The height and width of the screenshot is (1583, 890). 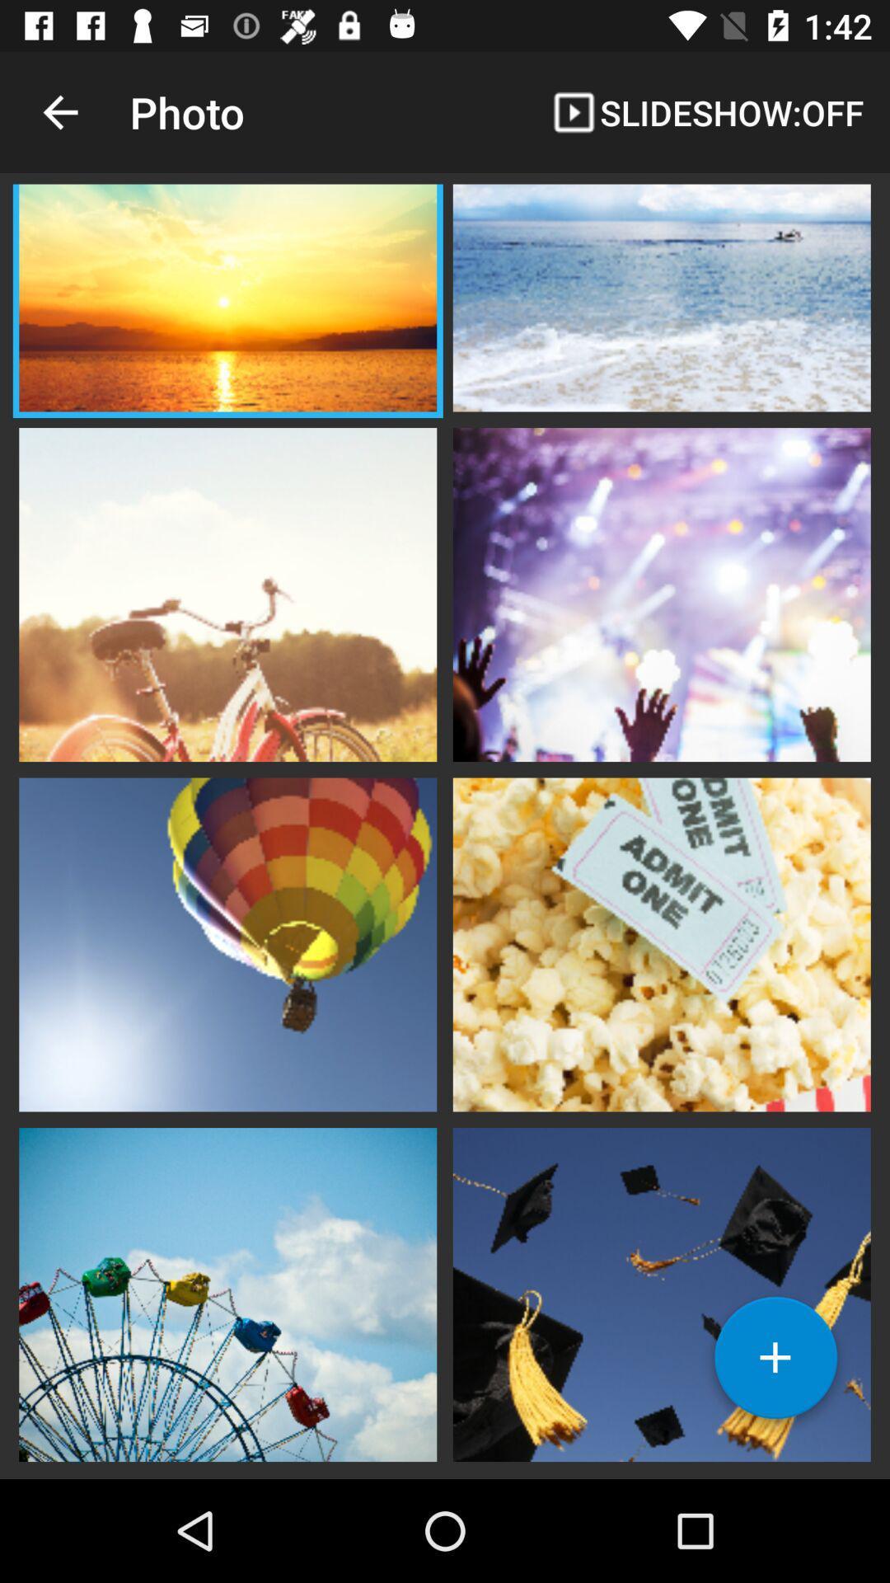 I want to click on open image, so click(x=227, y=1292).